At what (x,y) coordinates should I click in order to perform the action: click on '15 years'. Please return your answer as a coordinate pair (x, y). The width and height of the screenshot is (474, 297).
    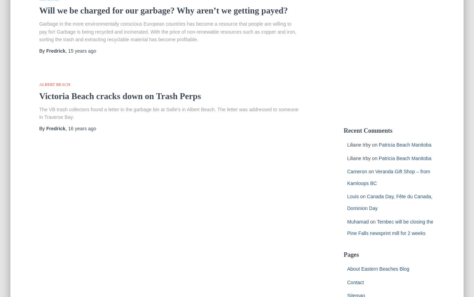
    Looking at the image, I should click on (68, 50).